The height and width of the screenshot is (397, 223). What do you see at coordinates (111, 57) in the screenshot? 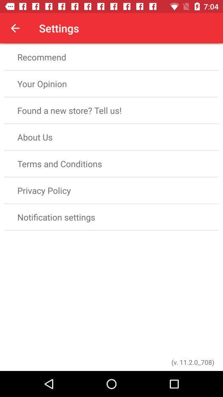
I see `the recommend icon` at bounding box center [111, 57].